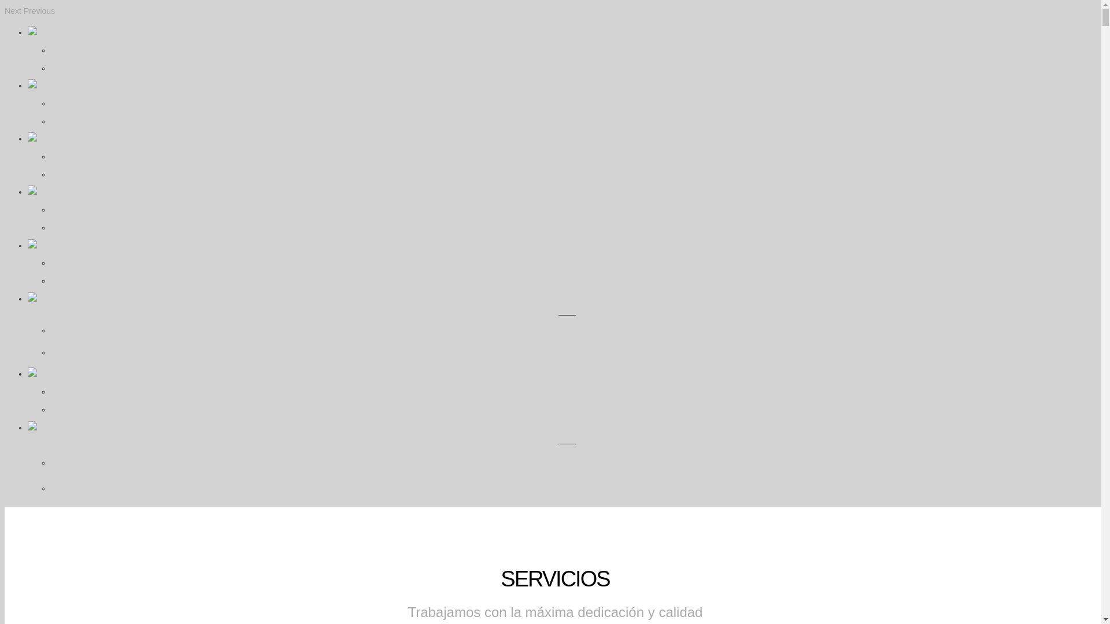 The image size is (1110, 624). Describe the element at coordinates (13, 11) in the screenshot. I see `'Next'` at that location.